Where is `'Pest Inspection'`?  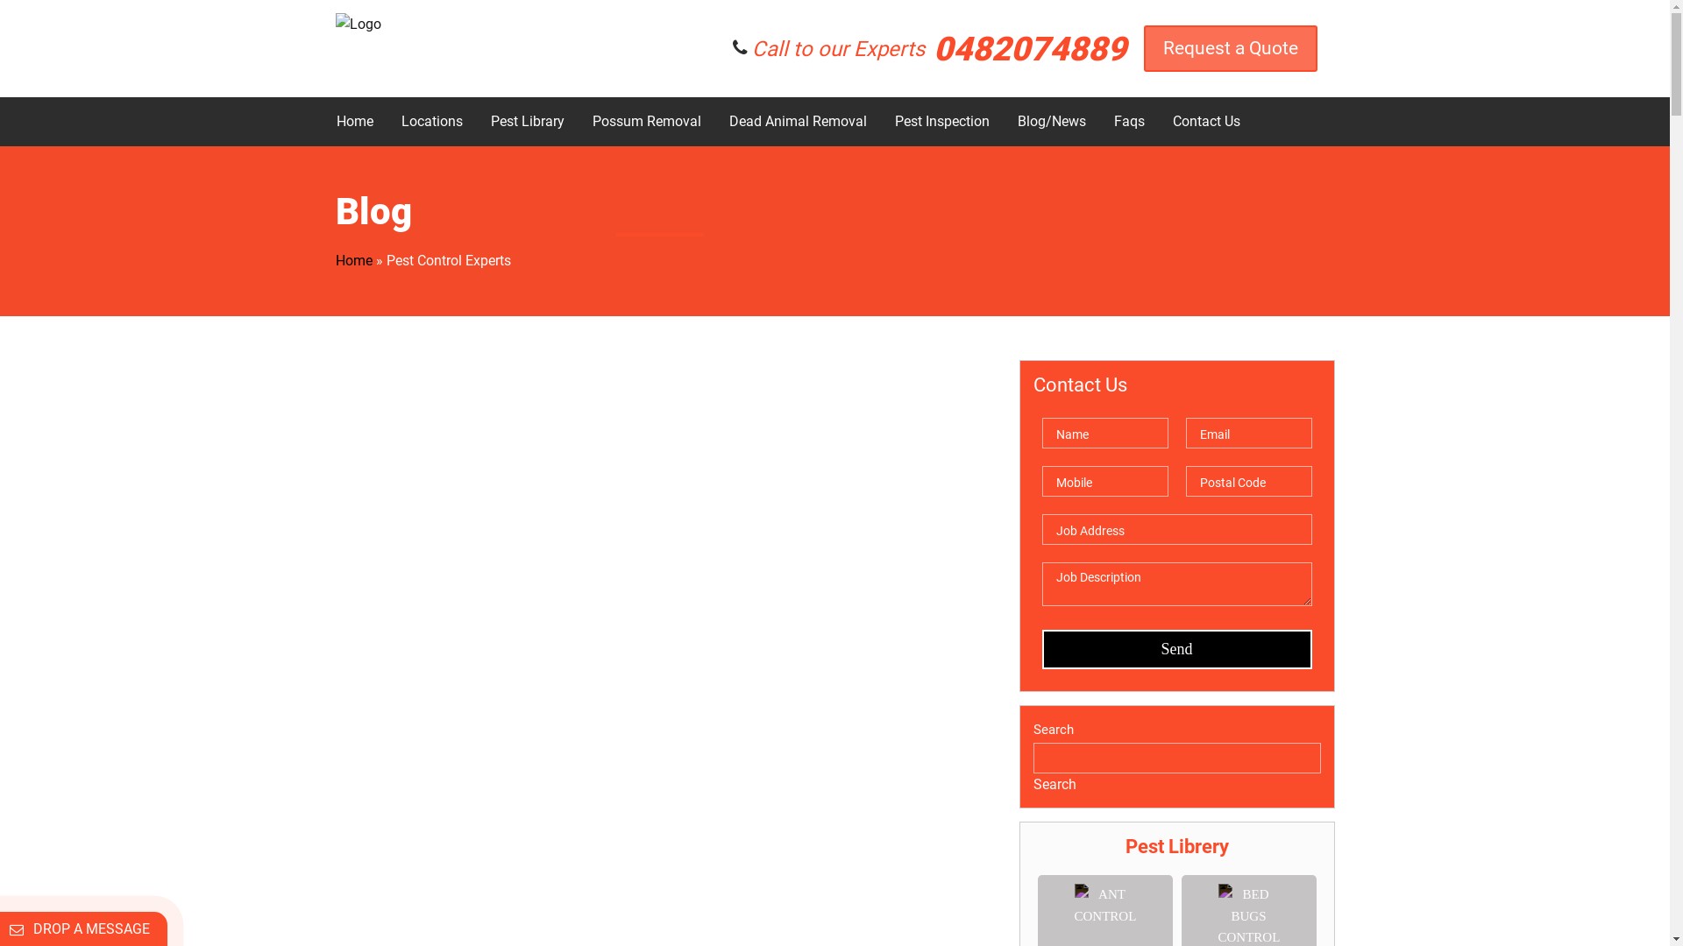 'Pest Inspection' is located at coordinates (882, 120).